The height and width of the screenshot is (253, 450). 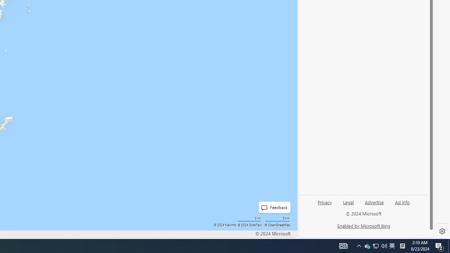 What do you see at coordinates (348, 205) in the screenshot?
I see `'Legal'` at bounding box center [348, 205].